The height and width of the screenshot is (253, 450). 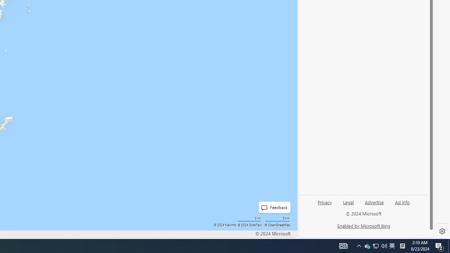 What do you see at coordinates (348, 205) in the screenshot?
I see `'Legal'` at bounding box center [348, 205].